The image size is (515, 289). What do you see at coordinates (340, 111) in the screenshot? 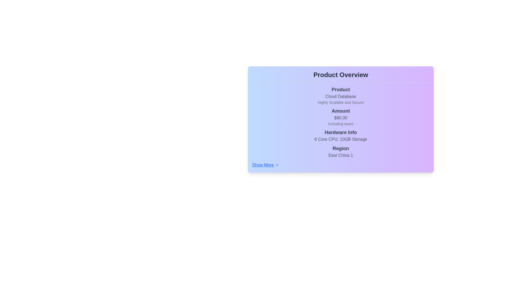
I see `the Text Label that serves as a title for the amount-related details in the 'Product Overview' summary card, positioned under the 'Product' section` at bounding box center [340, 111].